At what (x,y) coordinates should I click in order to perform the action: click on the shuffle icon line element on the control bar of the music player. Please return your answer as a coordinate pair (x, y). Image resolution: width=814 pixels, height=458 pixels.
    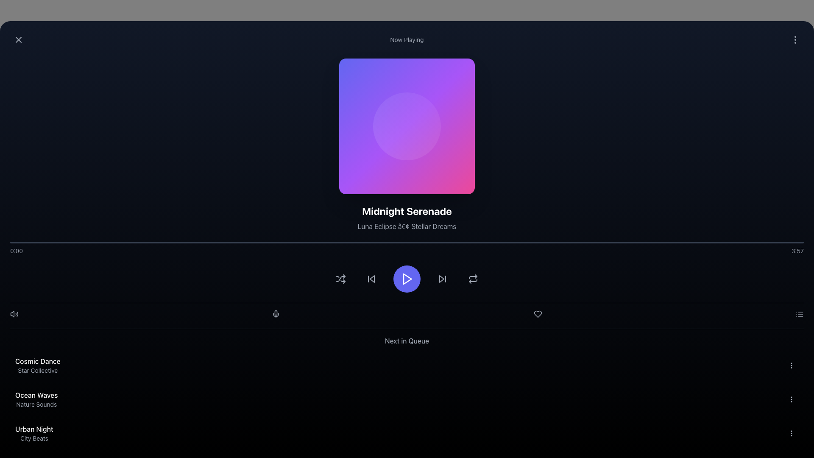
    Looking at the image, I should click on (341, 279).